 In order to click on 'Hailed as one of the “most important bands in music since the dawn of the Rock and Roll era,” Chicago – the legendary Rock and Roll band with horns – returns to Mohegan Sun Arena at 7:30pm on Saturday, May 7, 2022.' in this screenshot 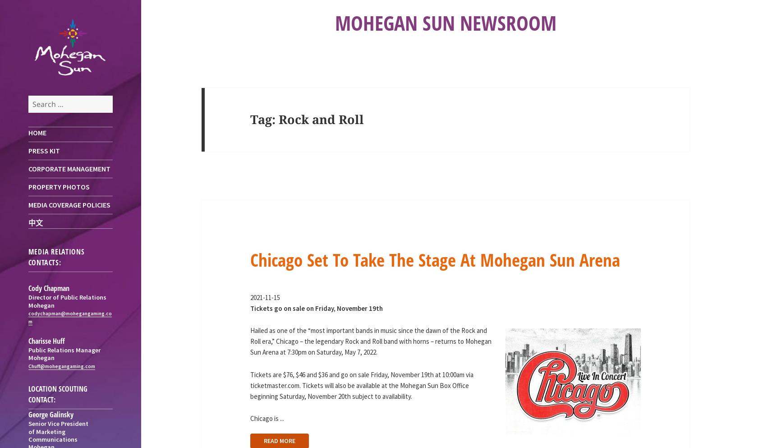, I will do `click(370, 341)`.